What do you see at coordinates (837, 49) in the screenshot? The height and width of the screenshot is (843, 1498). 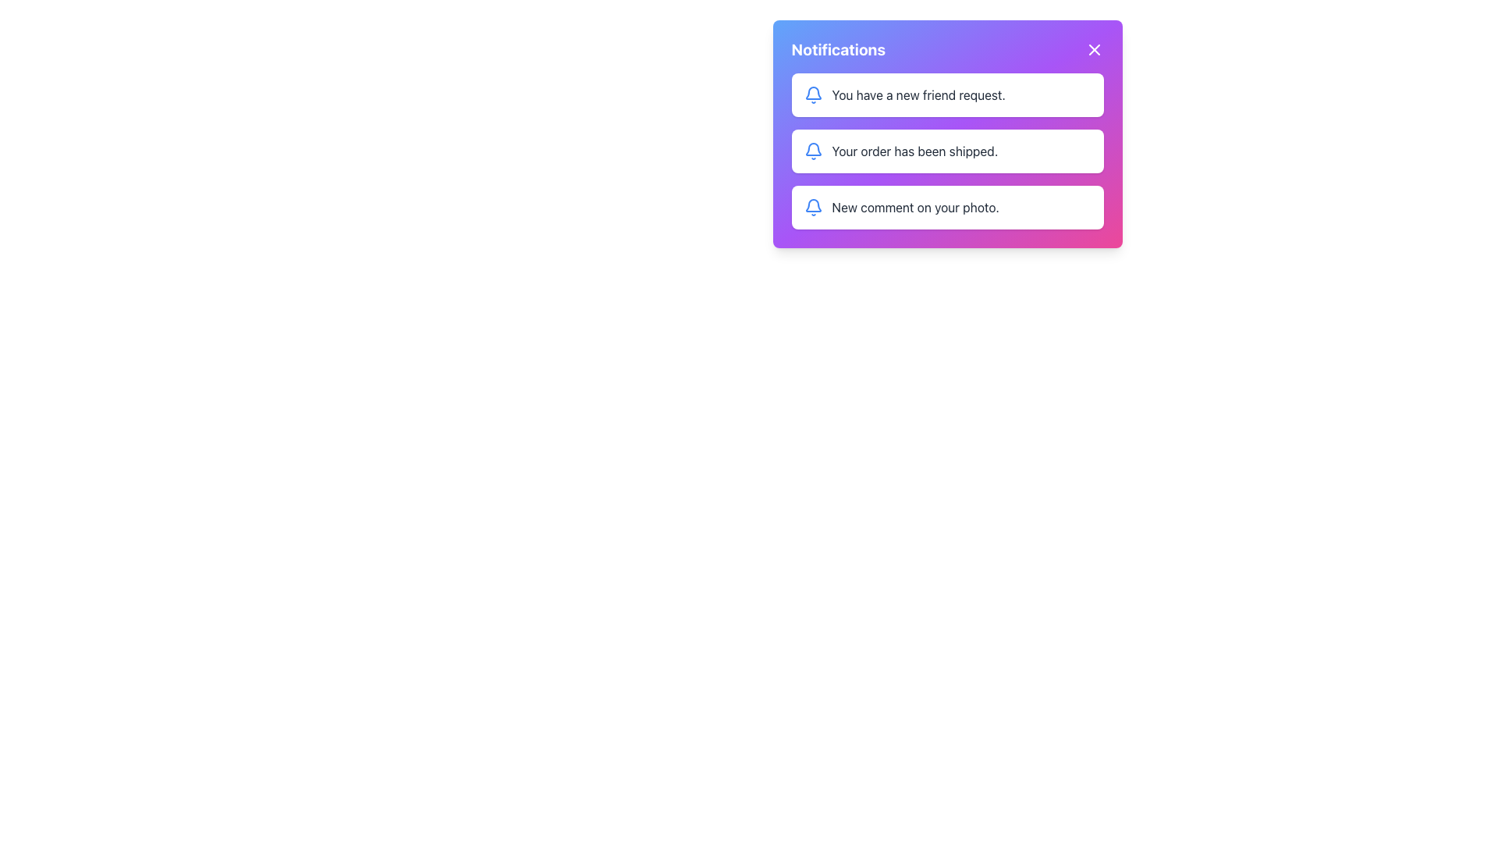 I see `Heading text located in the upper-left section of the notification panel to understand its purpose` at bounding box center [837, 49].